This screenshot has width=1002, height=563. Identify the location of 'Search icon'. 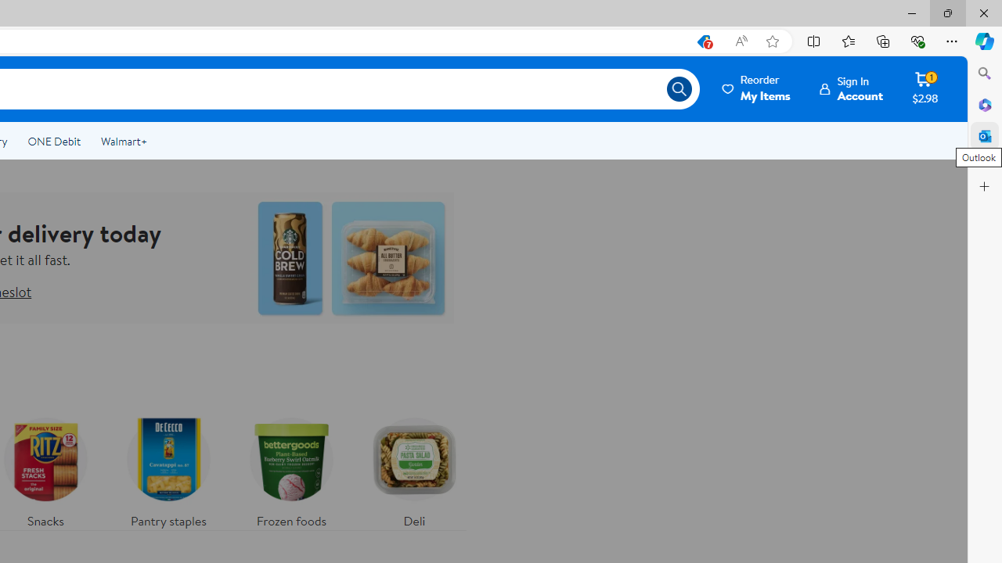
(679, 89).